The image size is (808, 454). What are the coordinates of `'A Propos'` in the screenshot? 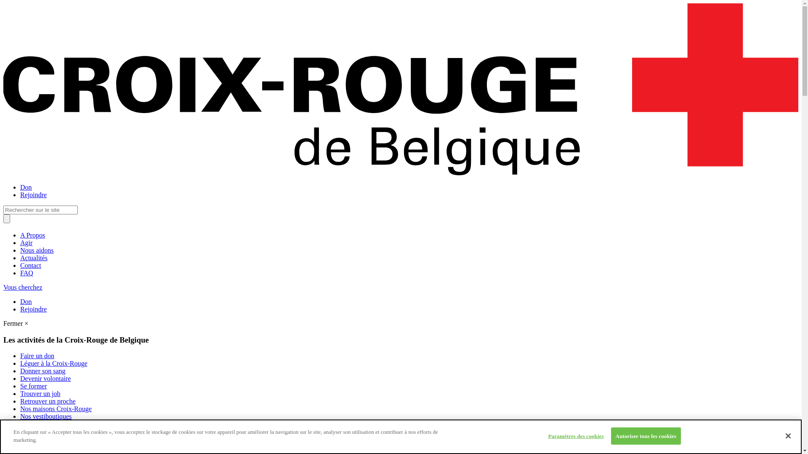 It's located at (32, 235).